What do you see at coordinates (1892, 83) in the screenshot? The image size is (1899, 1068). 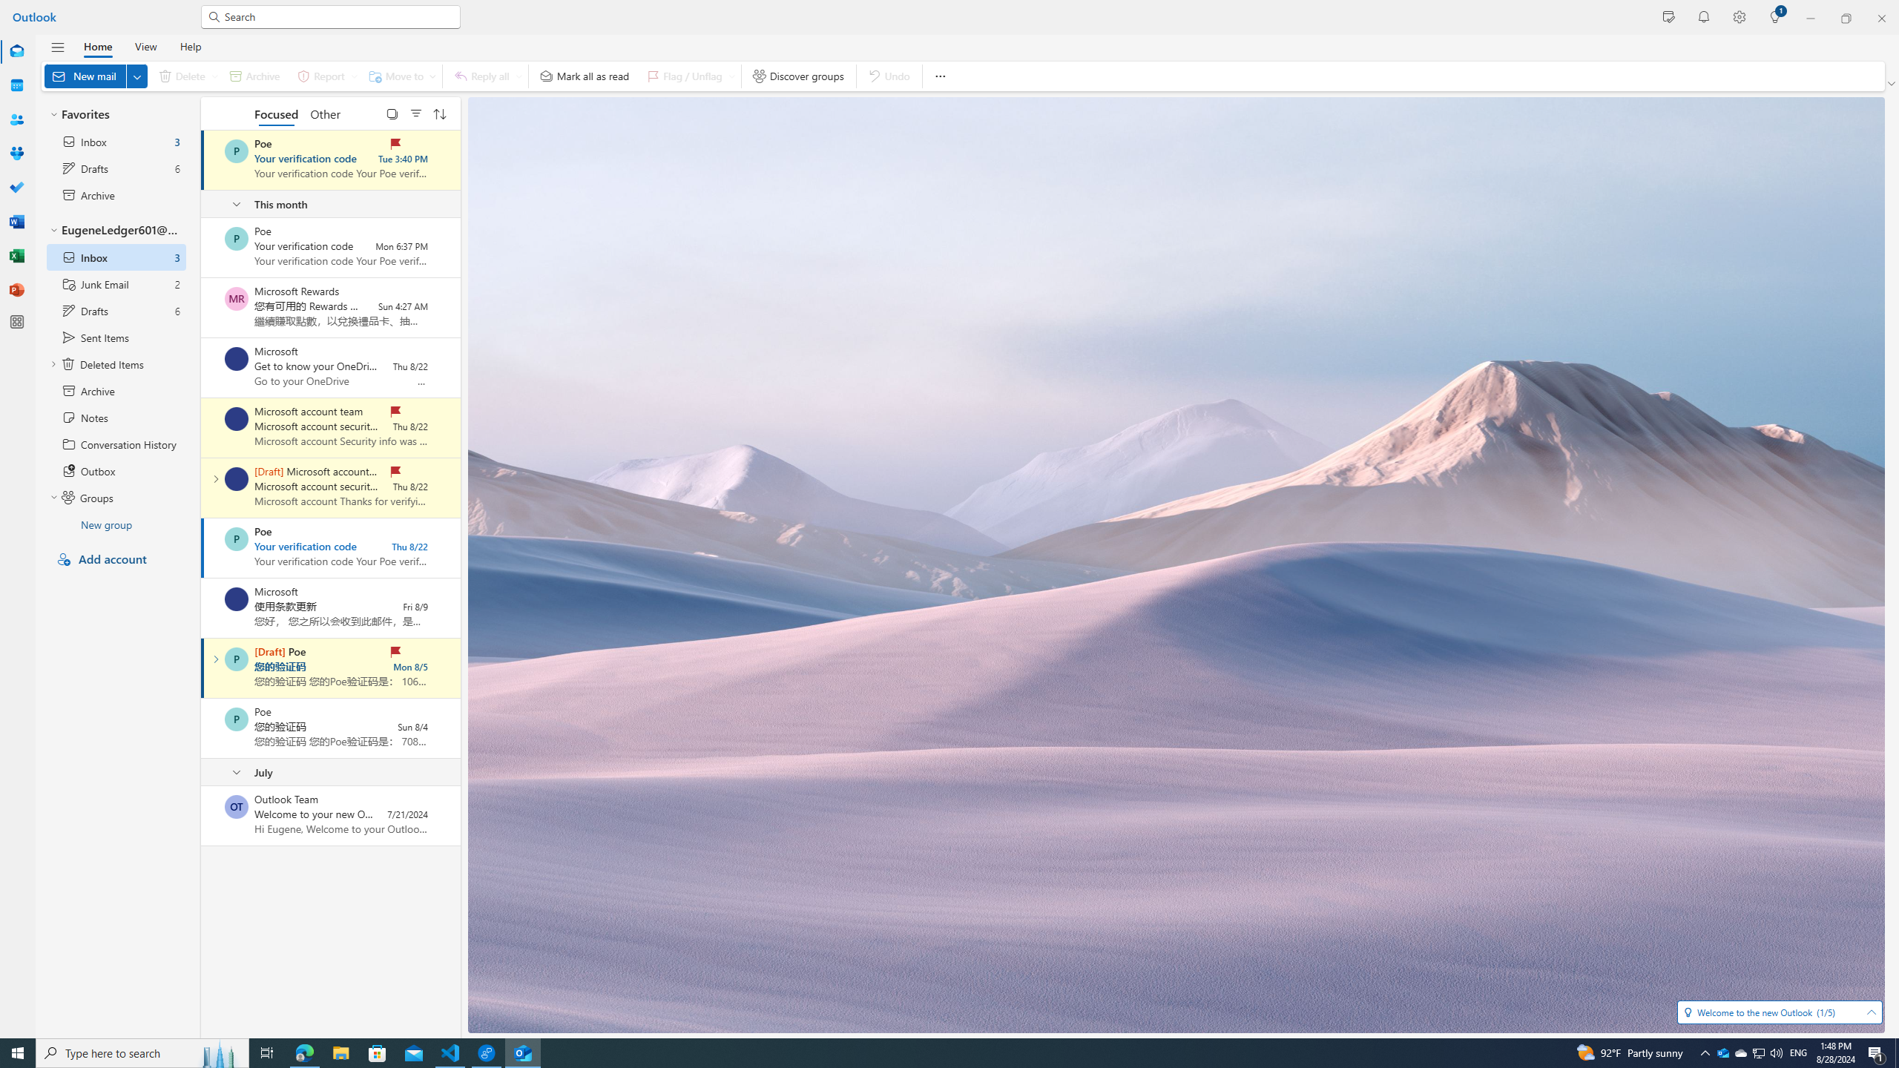 I see `'Ribbon display options'` at bounding box center [1892, 83].